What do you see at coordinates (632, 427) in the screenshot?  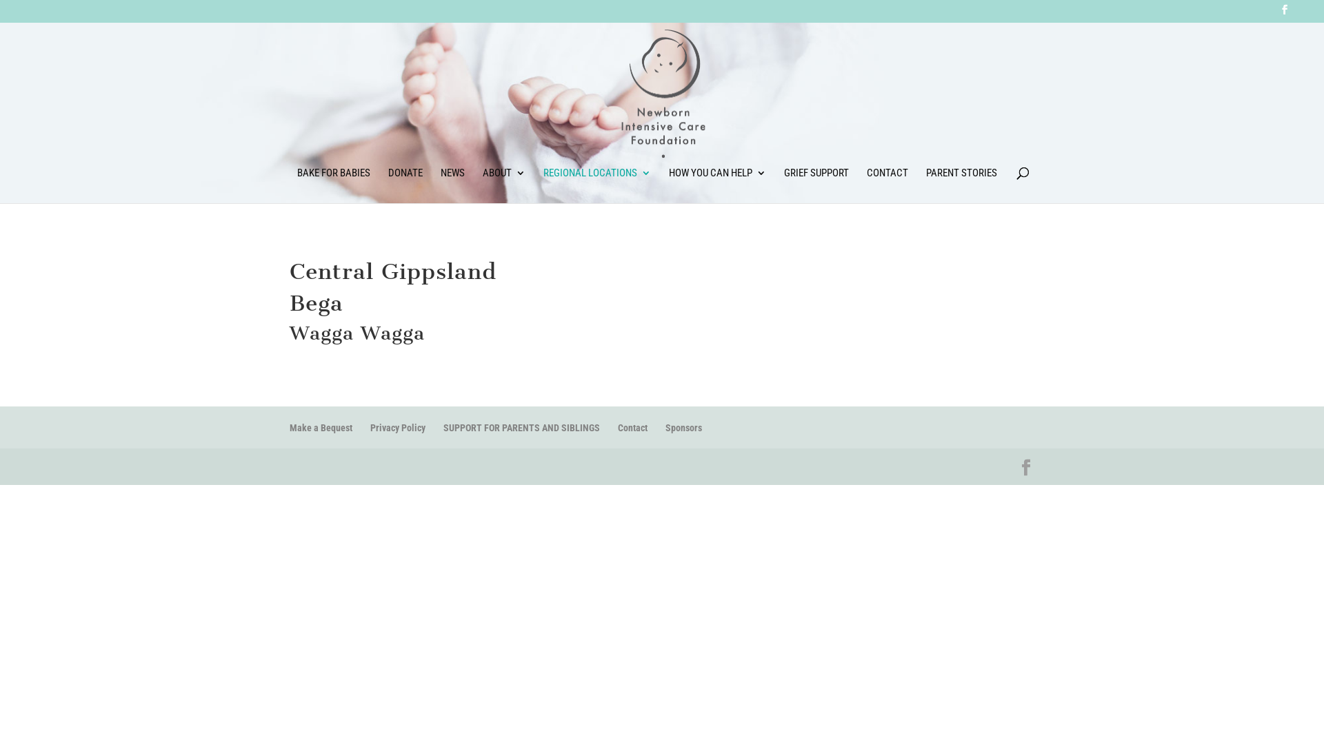 I see `'Contact'` at bounding box center [632, 427].